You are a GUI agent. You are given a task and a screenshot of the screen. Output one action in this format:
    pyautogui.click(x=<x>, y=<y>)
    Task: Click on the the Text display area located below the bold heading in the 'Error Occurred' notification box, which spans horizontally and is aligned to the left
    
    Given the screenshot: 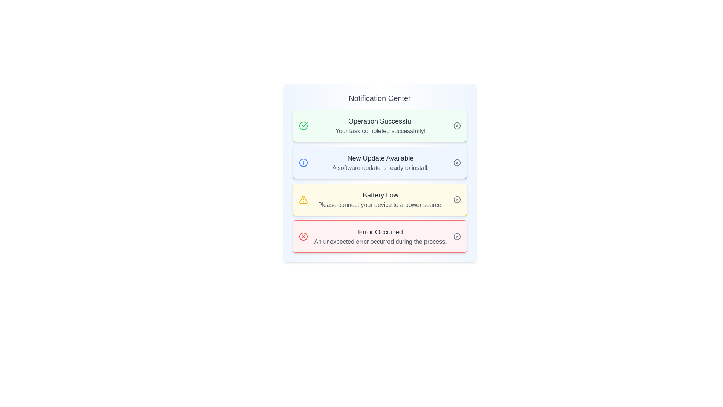 What is the action you would take?
    pyautogui.click(x=380, y=242)
    